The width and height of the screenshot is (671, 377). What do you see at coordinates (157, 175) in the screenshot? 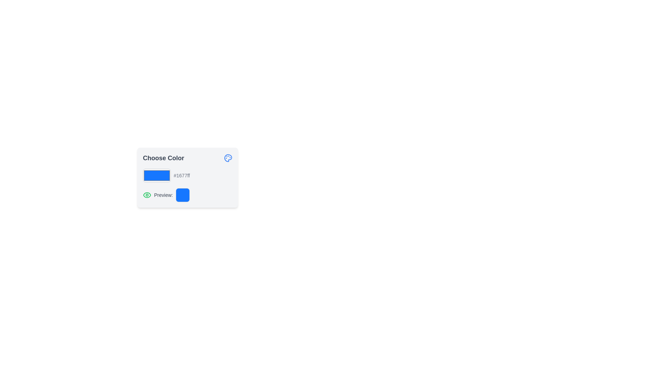
I see `the color picker input element to access input options for selecting or confirming the color represented by the code '#1677ff'` at bounding box center [157, 175].